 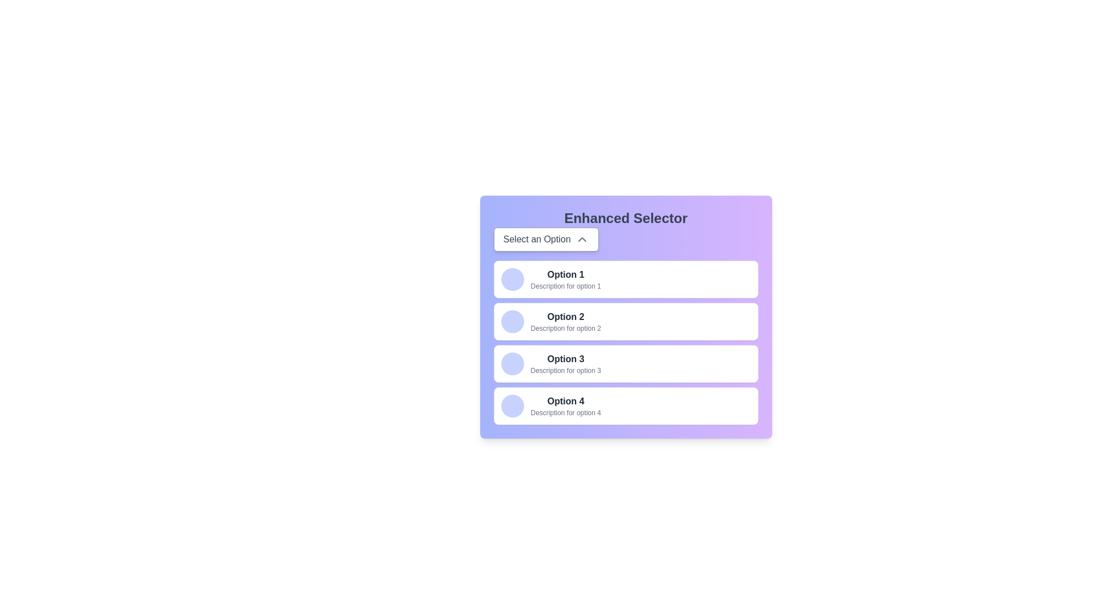 What do you see at coordinates (566, 321) in the screenshot?
I see `the second list item titled 'Option 2' with the description 'Description for option 2'` at bounding box center [566, 321].